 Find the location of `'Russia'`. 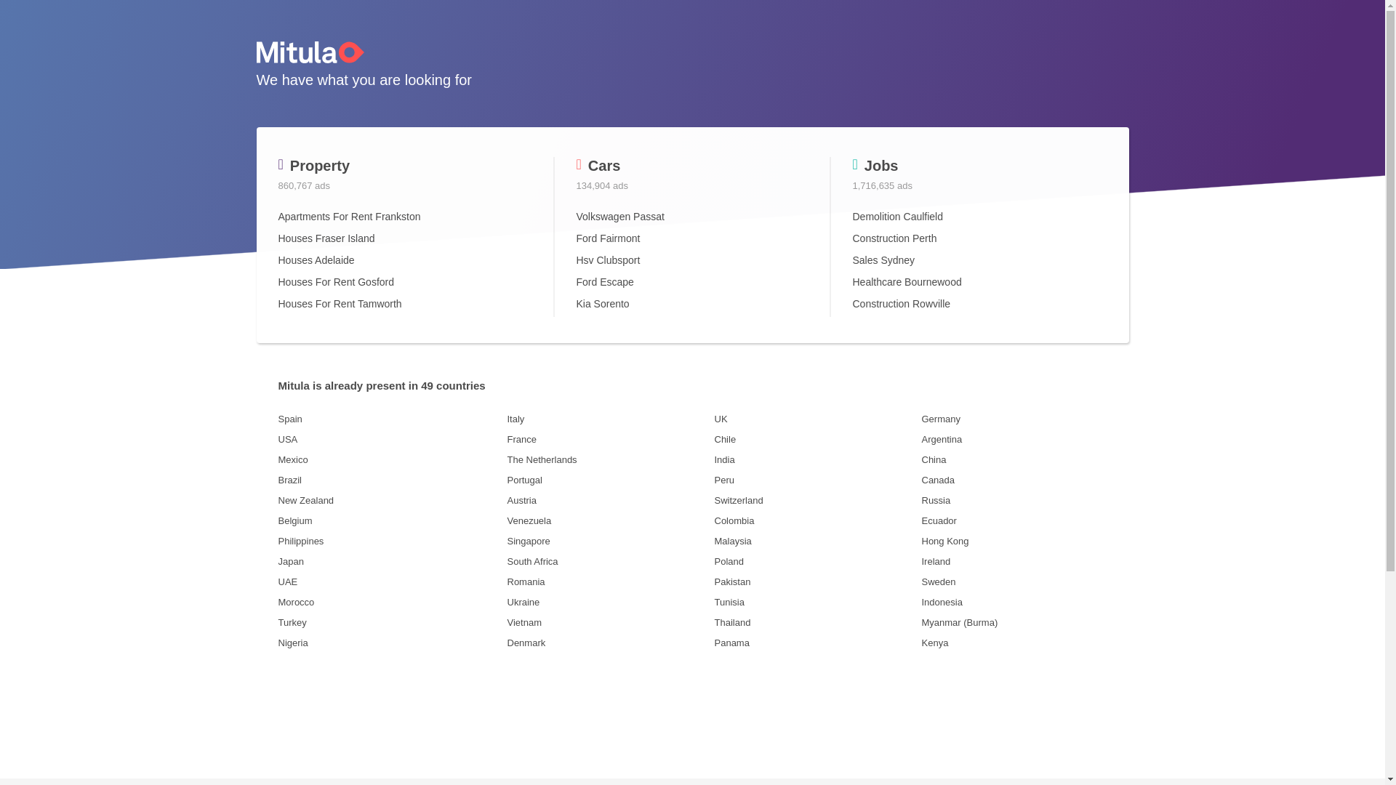

'Russia' is located at coordinates (1014, 500).